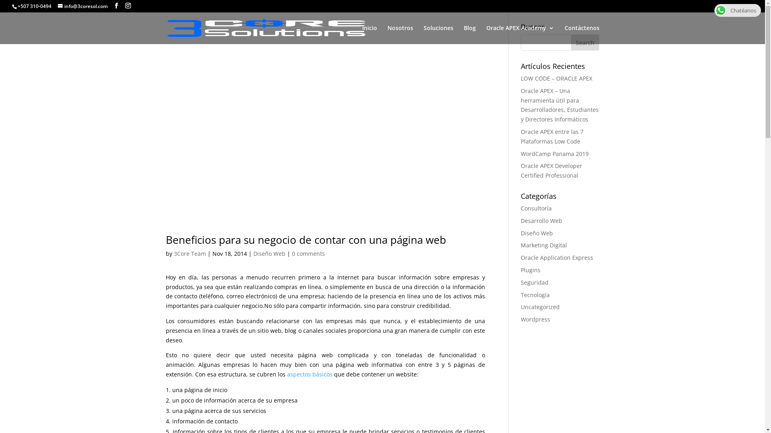 Image resolution: width=771 pixels, height=433 pixels. I want to click on 'Marketing Digital', so click(544, 245).